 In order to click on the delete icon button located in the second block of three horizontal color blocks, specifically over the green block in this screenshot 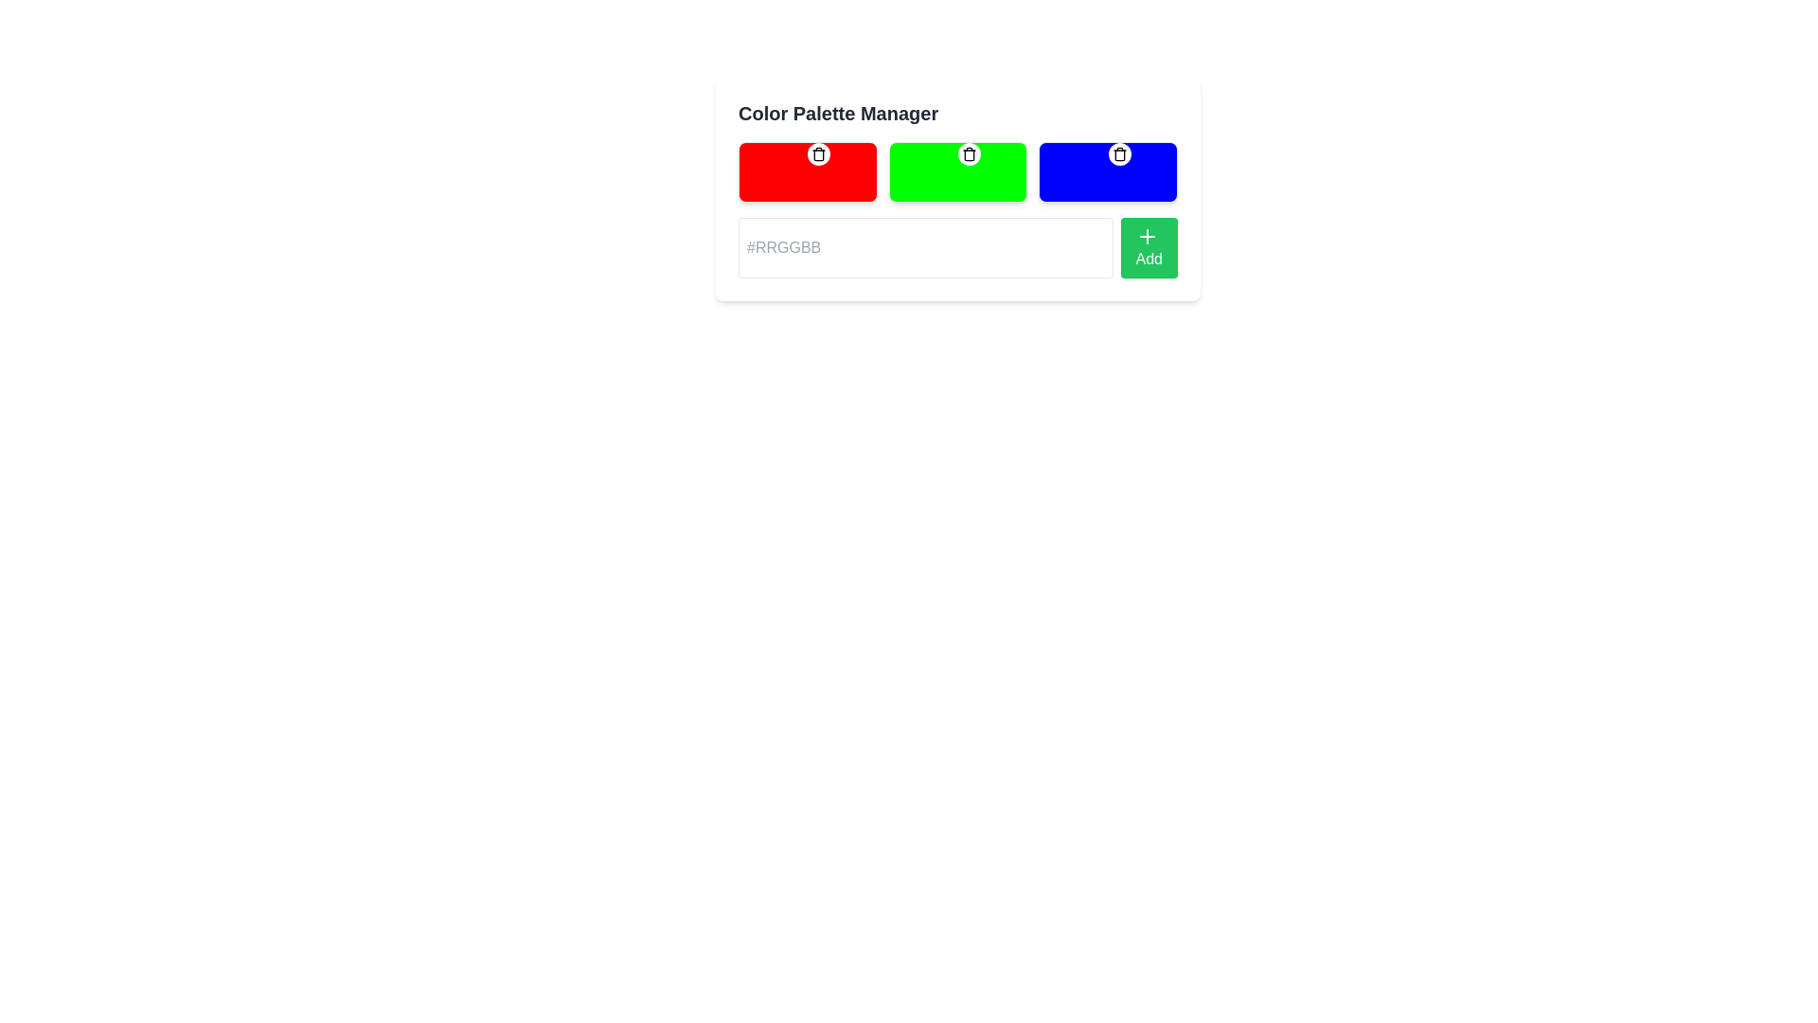, I will do `click(969, 153)`.